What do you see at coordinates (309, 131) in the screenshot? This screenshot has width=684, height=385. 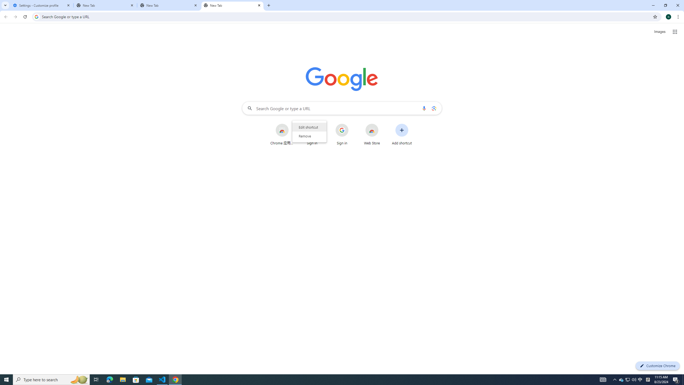 I see `'AutomationID: wrapper'` at bounding box center [309, 131].